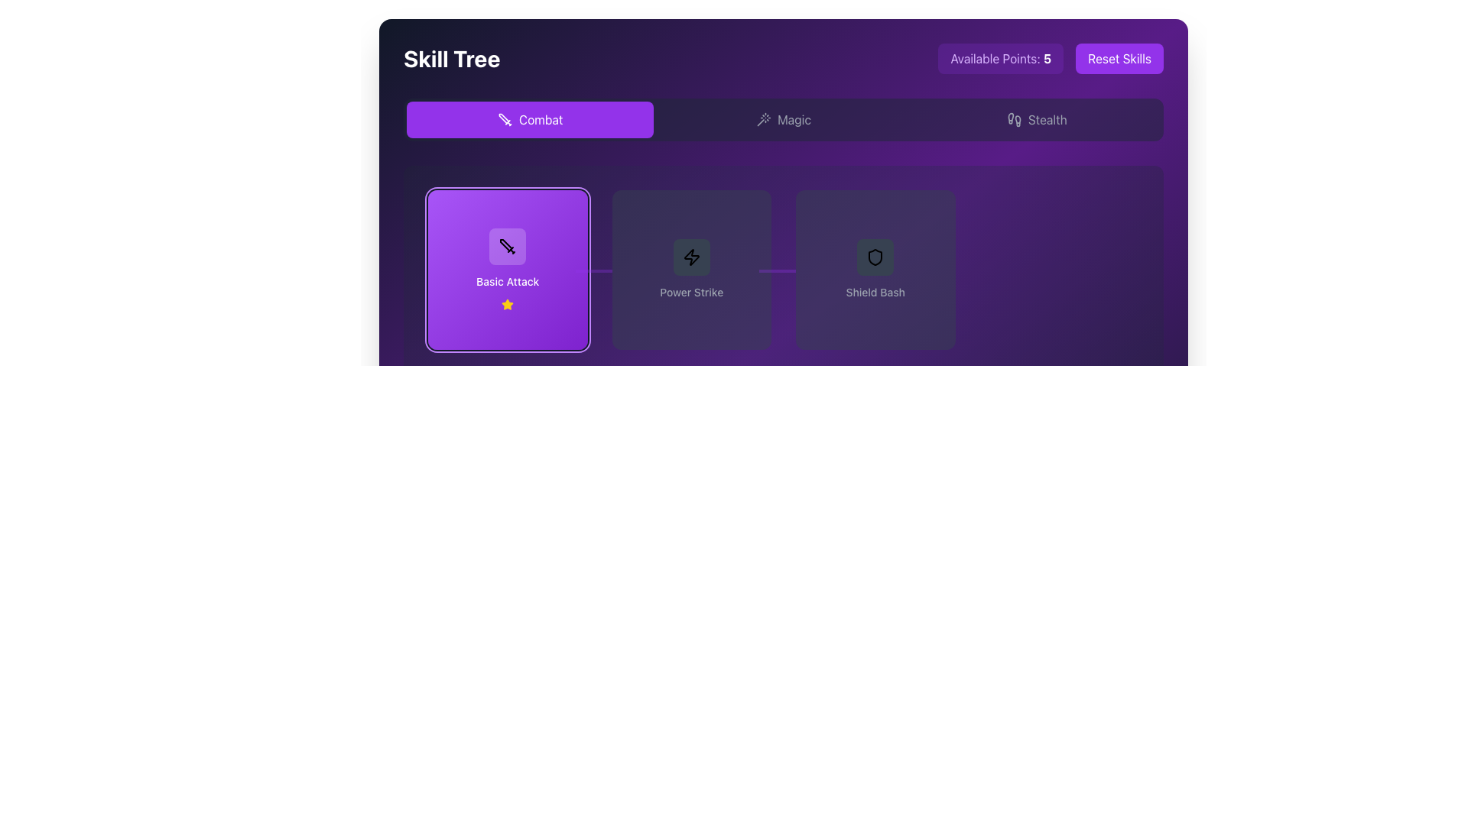 Image resolution: width=1468 pixels, height=825 pixels. I want to click on the small, arrow-like graphical icon within the 'Basic Attack' card in the Combat tab's skill tree interface, so click(506, 244).